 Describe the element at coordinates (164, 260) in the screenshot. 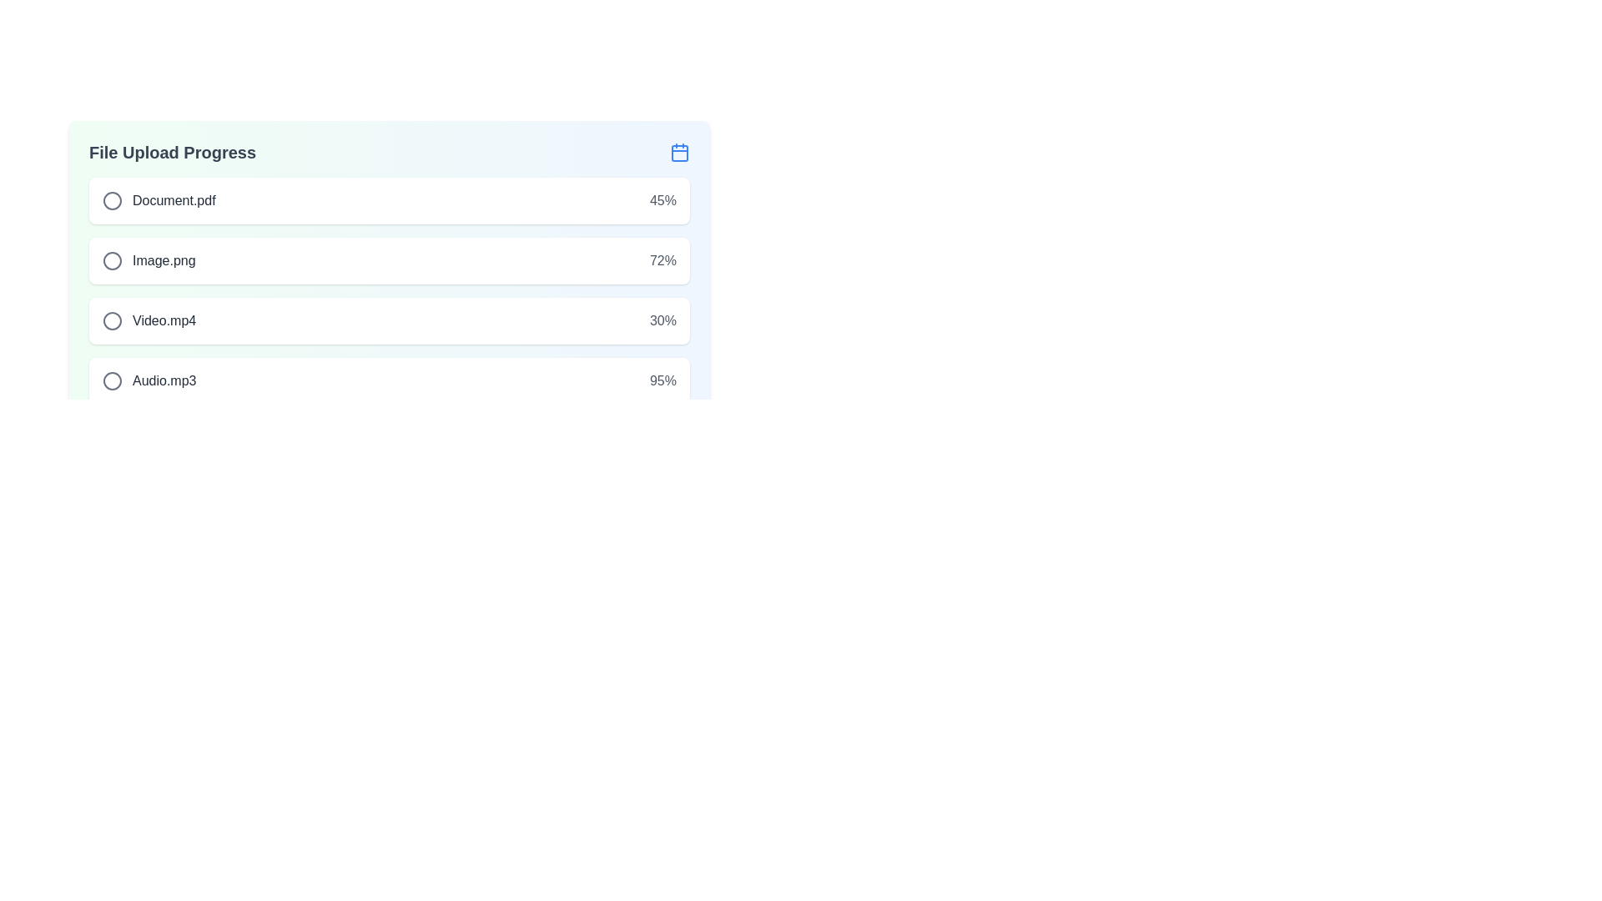

I see `the text label displaying 'Image.png' in medium gray bold font, located in the second row of the upload progress list` at that location.